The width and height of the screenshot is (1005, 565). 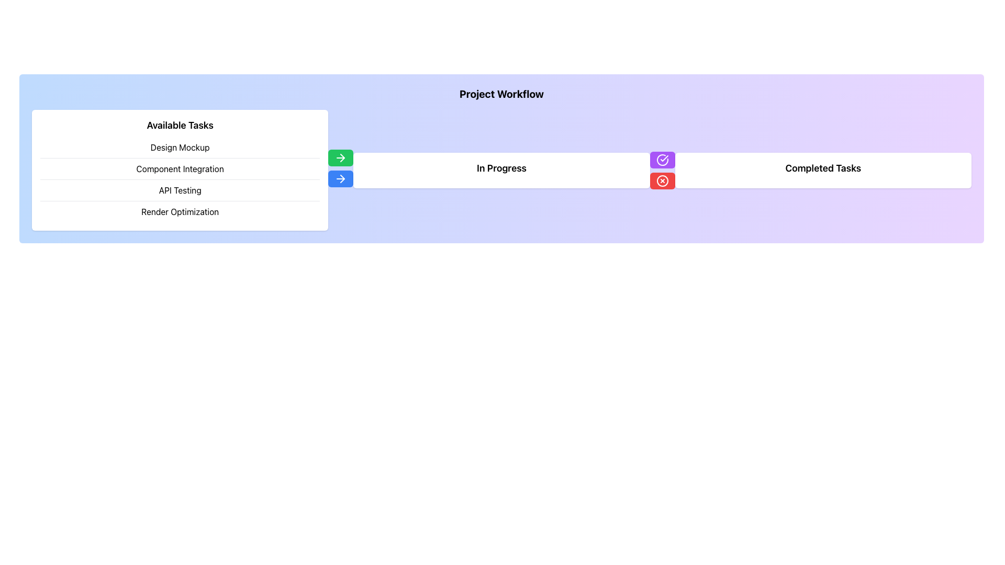 What do you see at coordinates (180, 190) in the screenshot?
I see `the third item in the 'Available Tasks' list, which is a label or task item for task selection or organization` at bounding box center [180, 190].